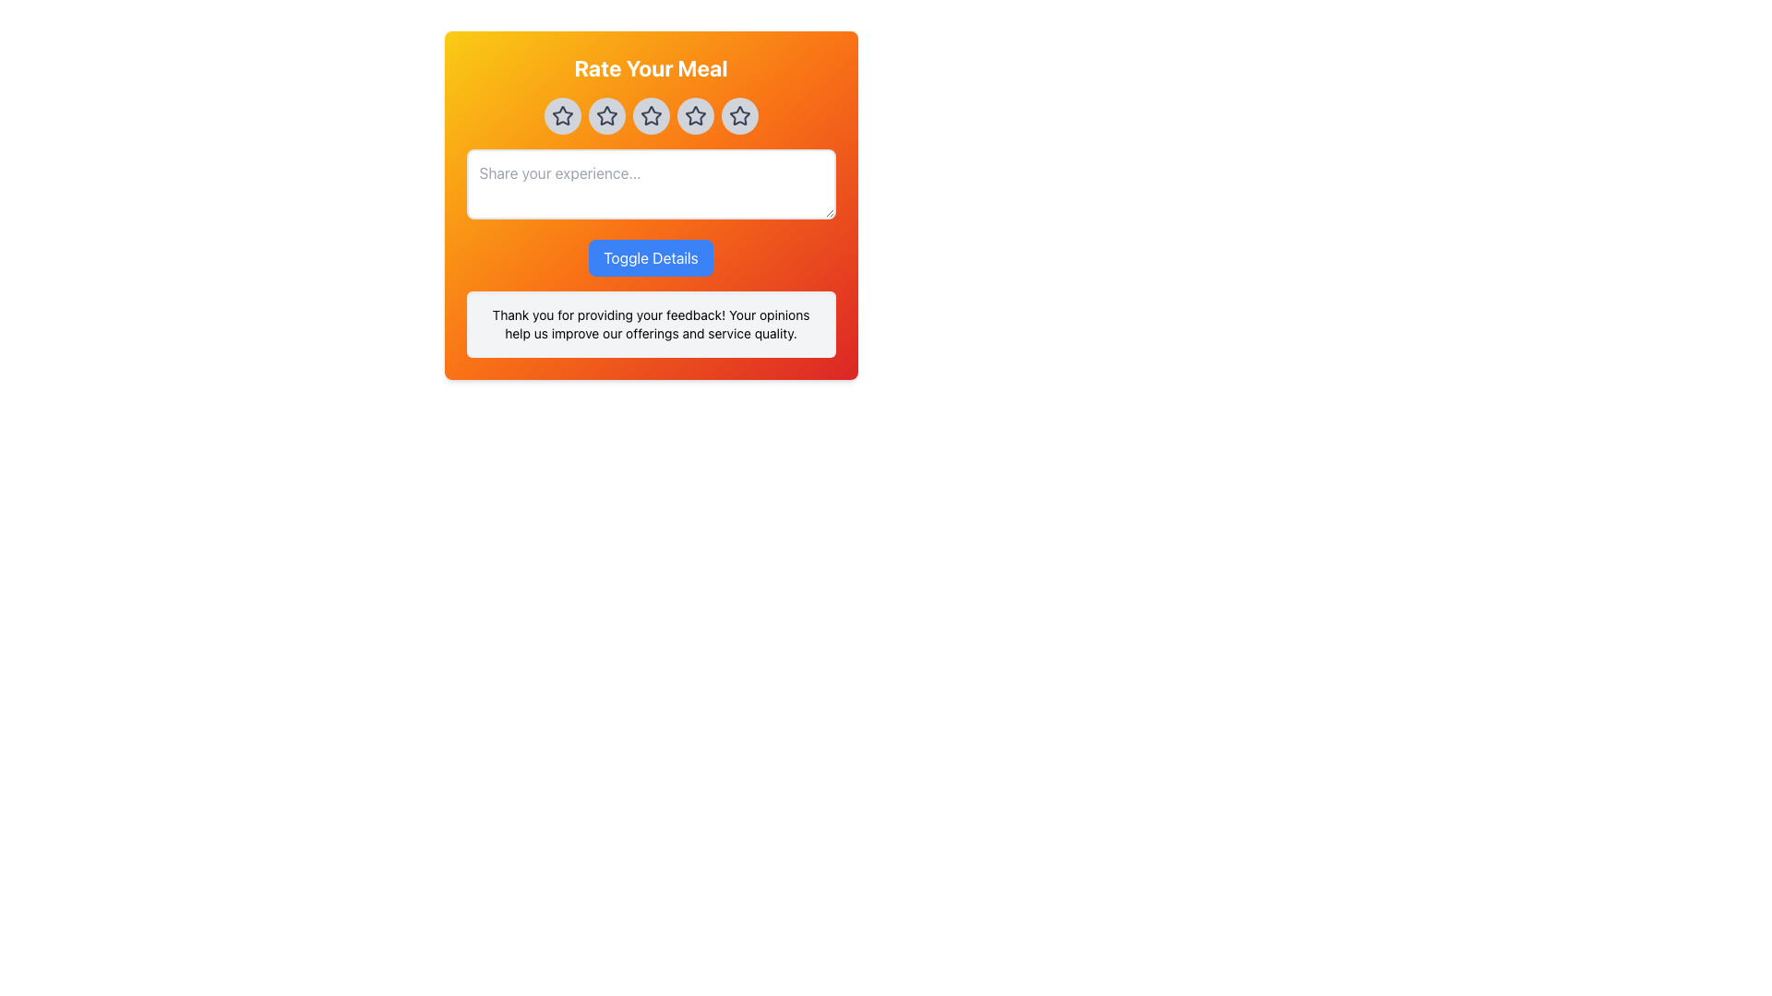 This screenshot has height=996, width=1772. Describe the element at coordinates (651, 116) in the screenshot. I see `the third rating star icon button located below the 'Rate Your Meal' text` at that location.